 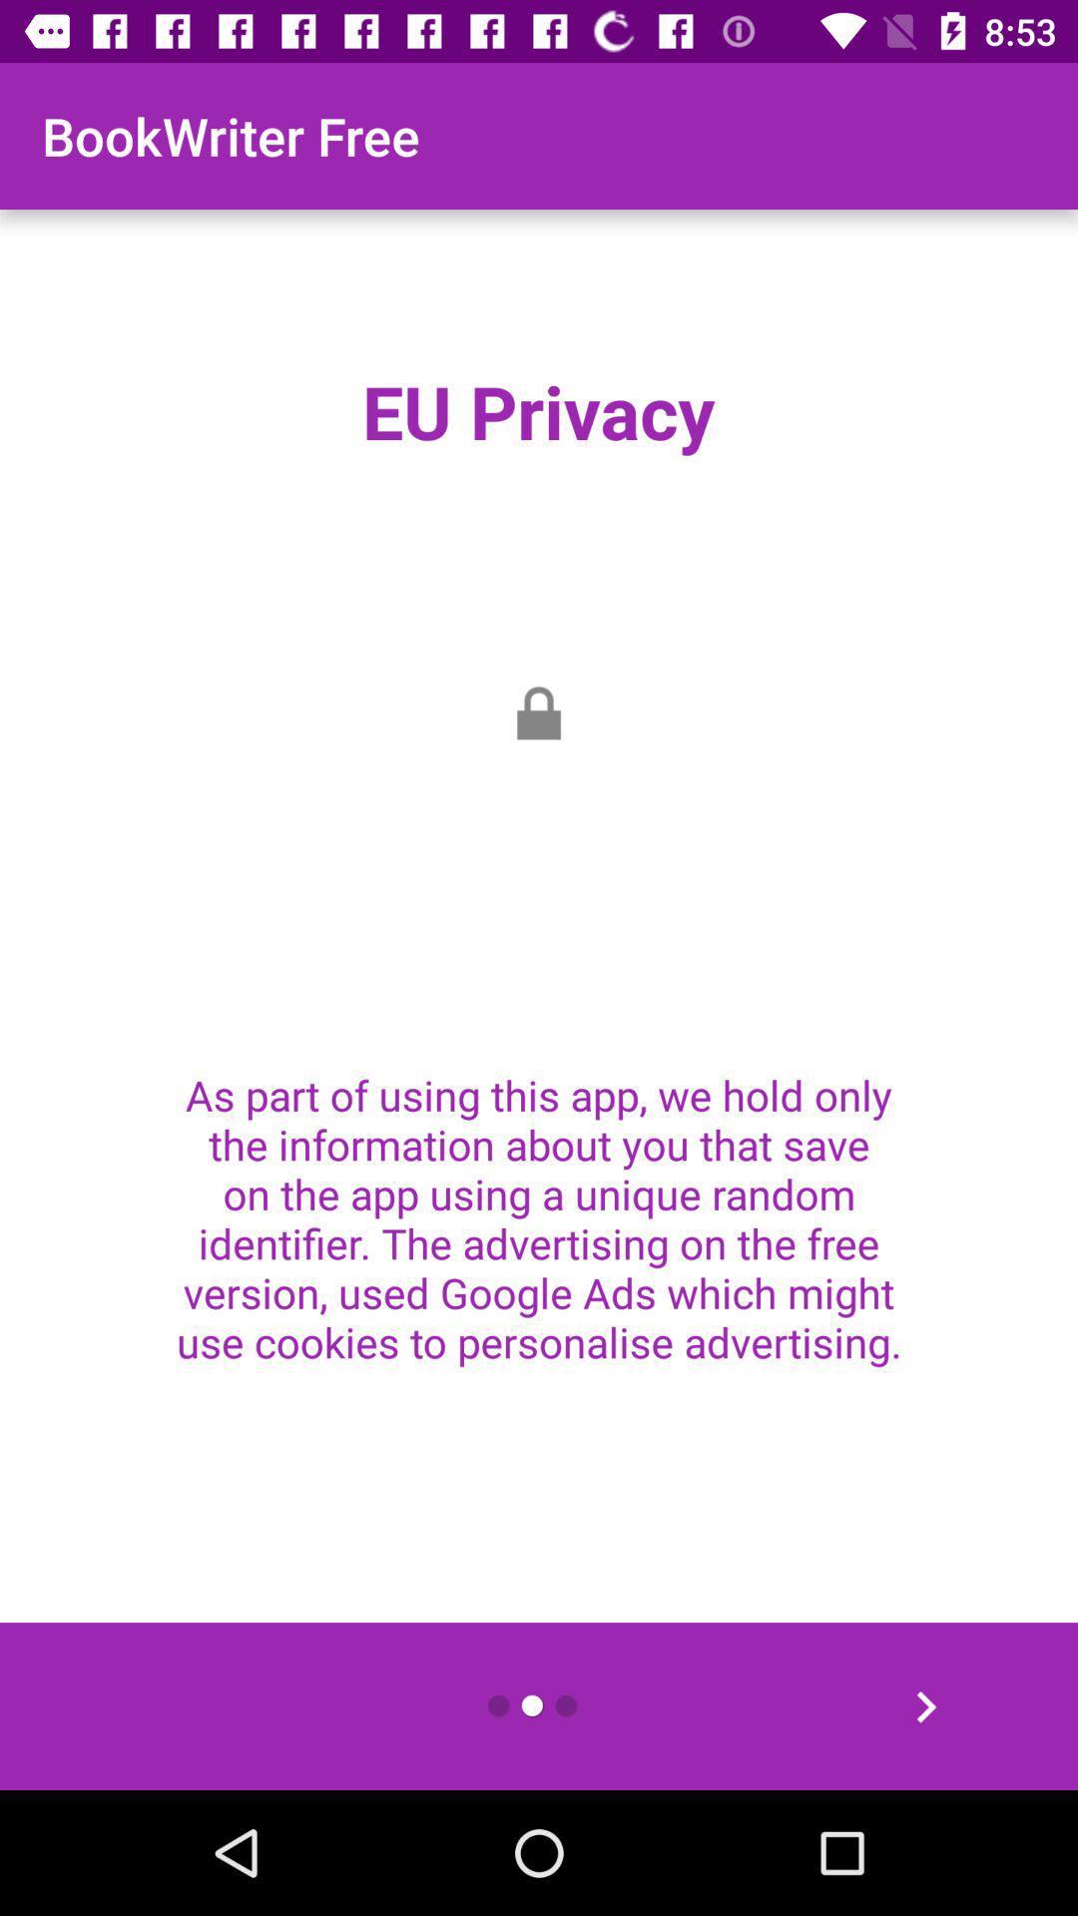 I want to click on the arrow_forward icon, so click(x=925, y=1705).